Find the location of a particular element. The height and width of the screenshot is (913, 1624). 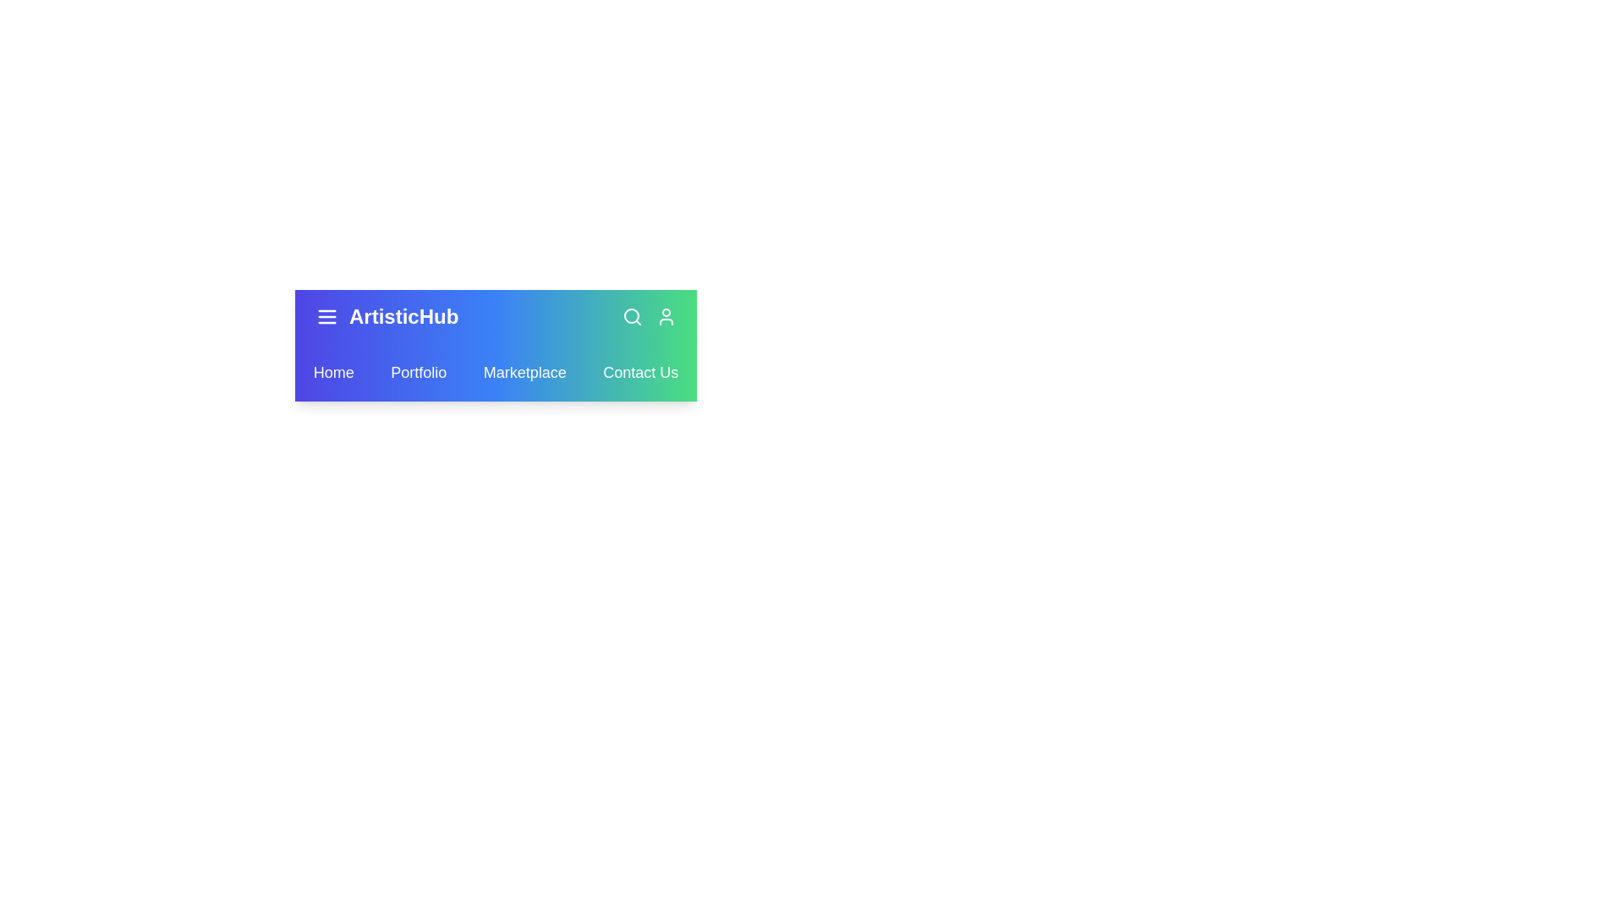

the Home link in the navbar is located at coordinates (332, 371).